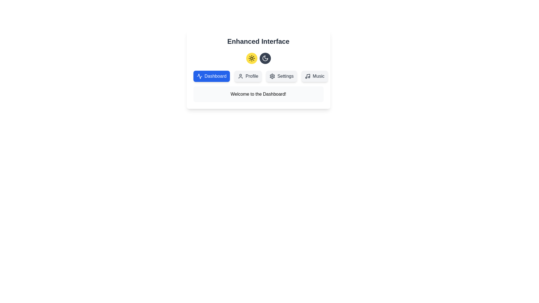  What do you see at coordinates (286, 76) in the screenshot?
I see `the 'Settings' Text Label, which is centrally positioned in the upper section of the interface, to interact with the related settings function` at bounding box center [286, 76].